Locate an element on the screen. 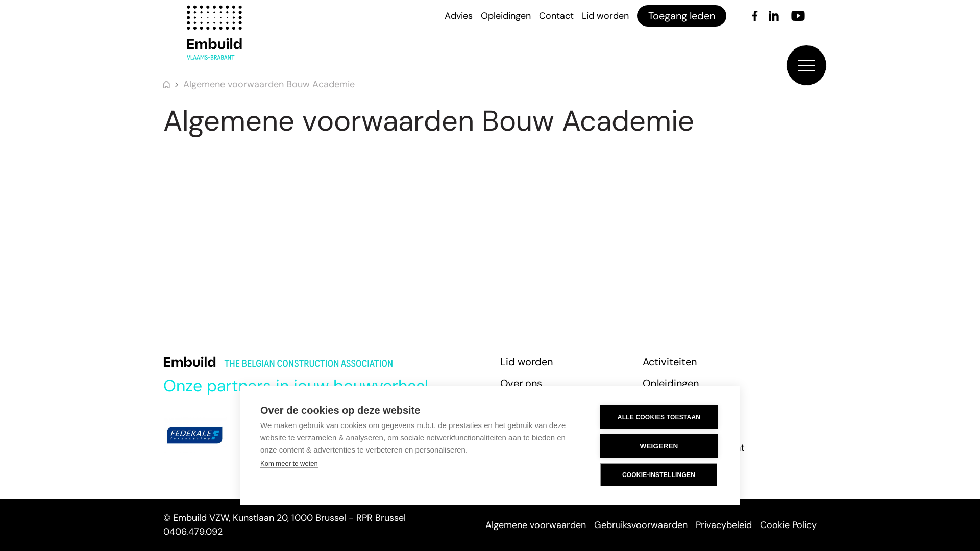 Image resolution: width=980 pixels, height=551 pixels. 'Cookie Policy' is located at coordinates (788, 524).